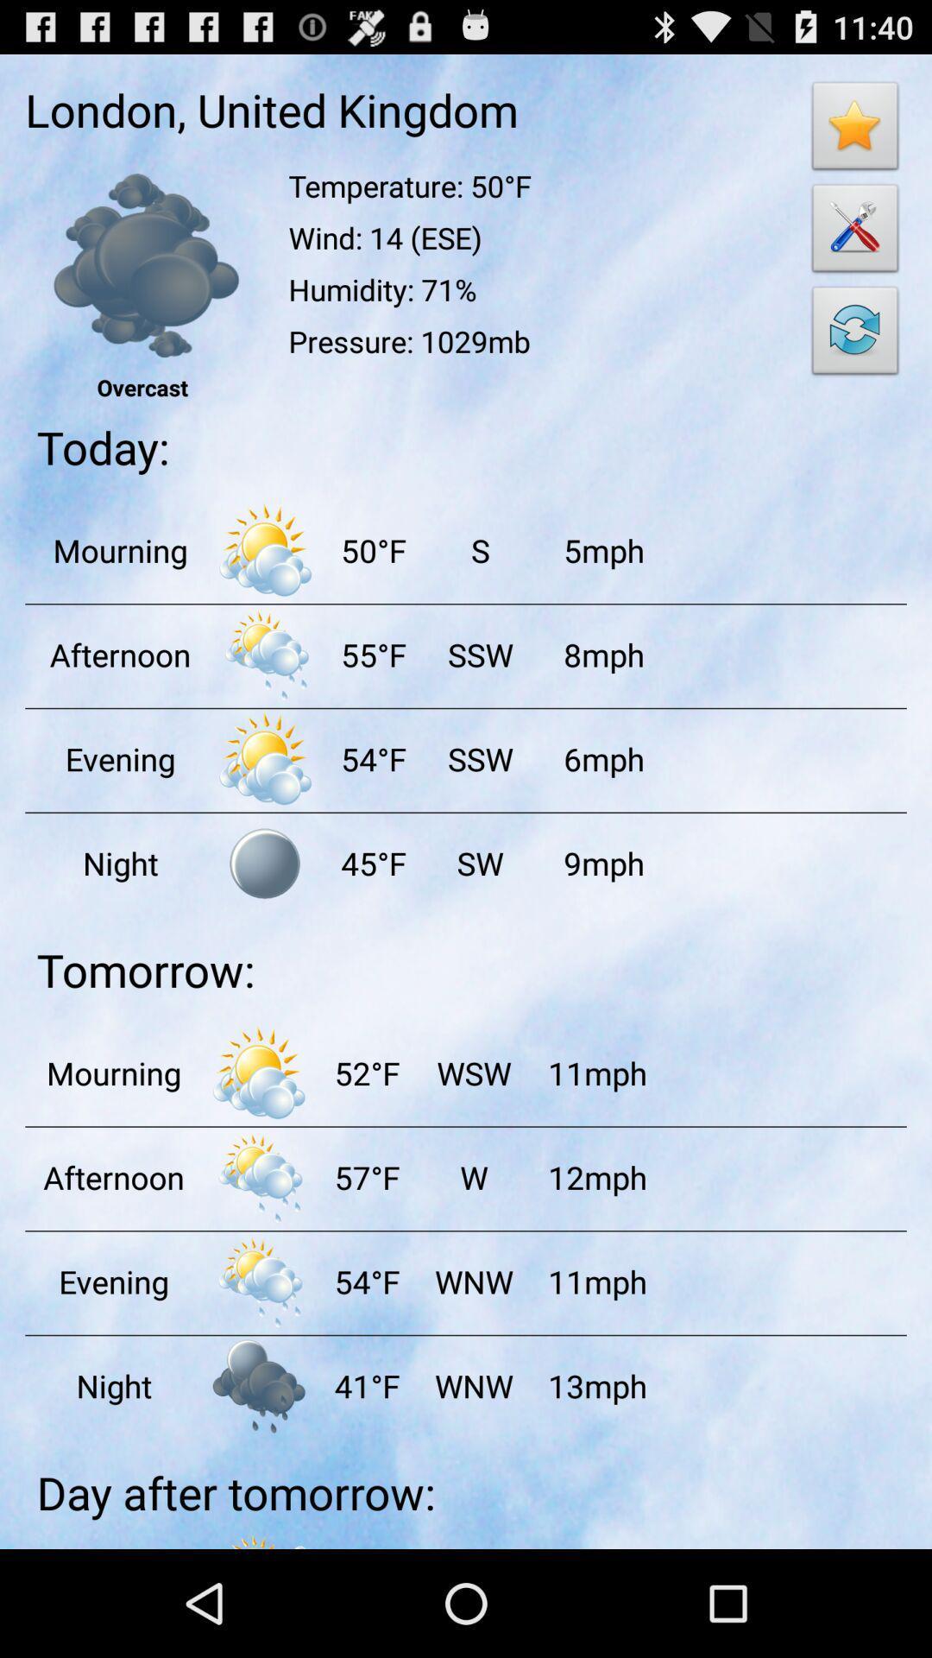  Describe the element at coordinates (265, 654) in the screenshot. I see `forecast clipart` at that location.